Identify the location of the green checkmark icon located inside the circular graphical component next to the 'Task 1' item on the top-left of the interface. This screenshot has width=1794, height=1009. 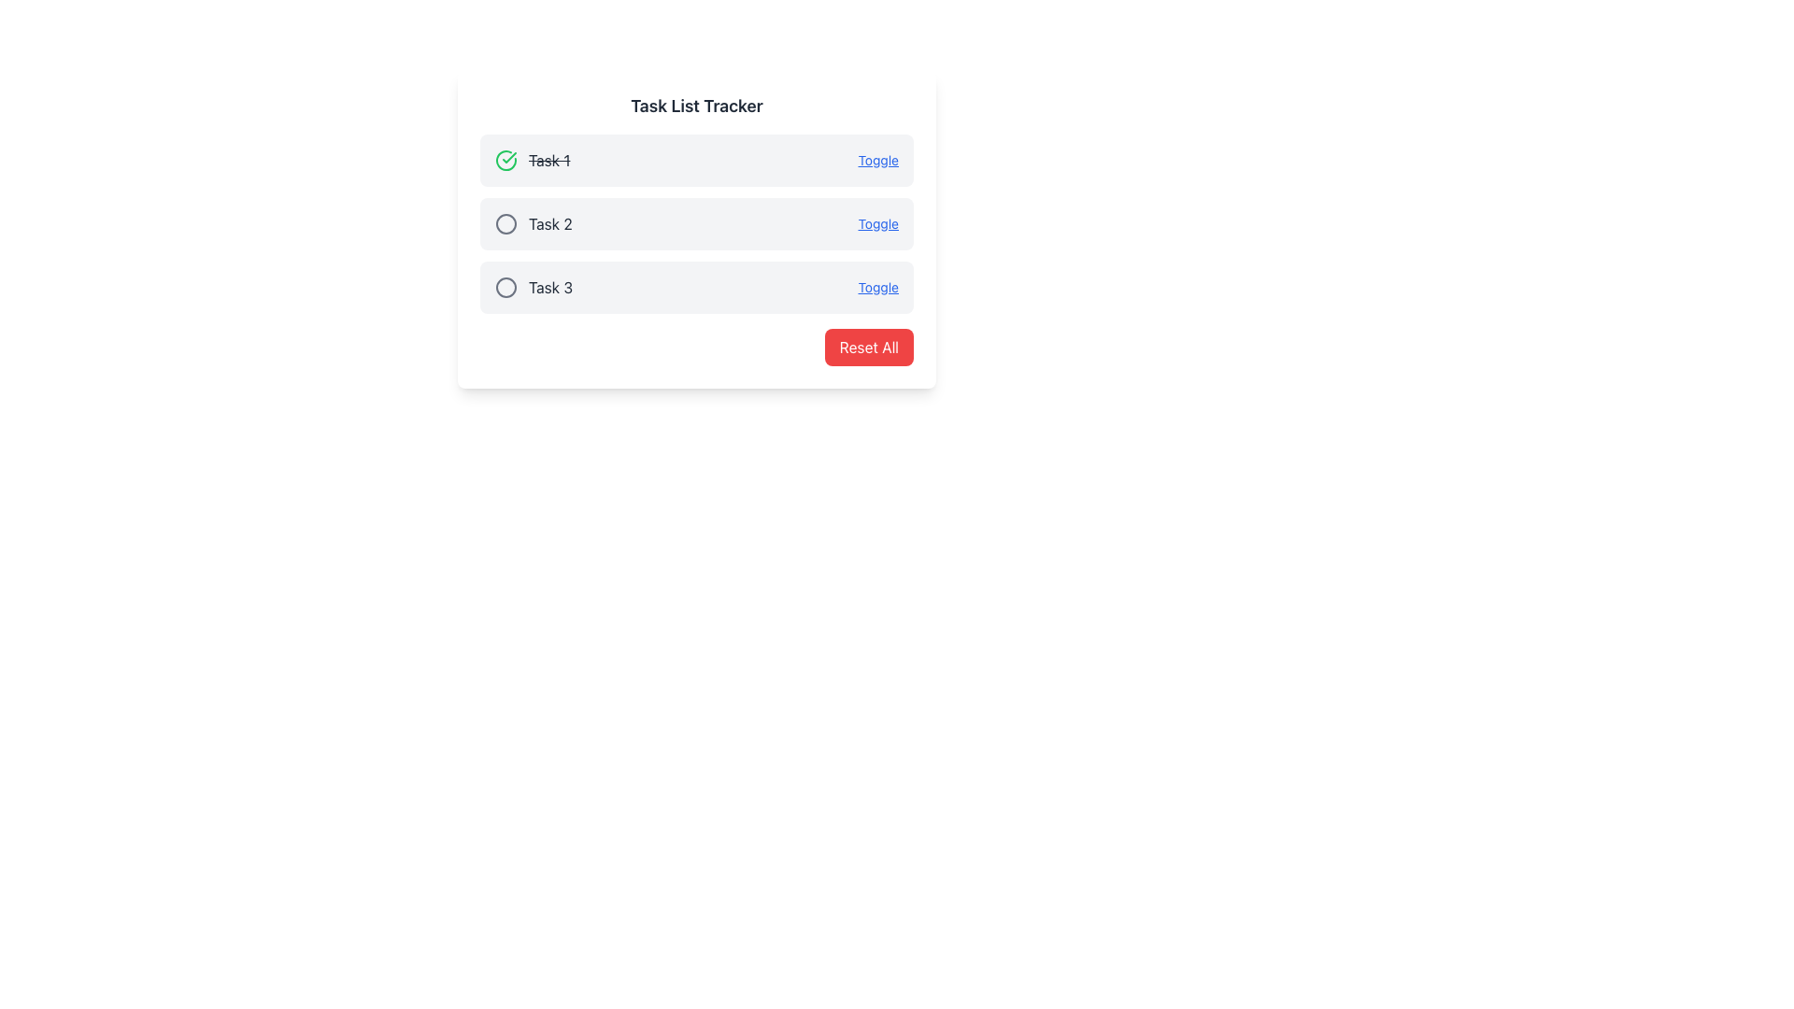
(509, 157).